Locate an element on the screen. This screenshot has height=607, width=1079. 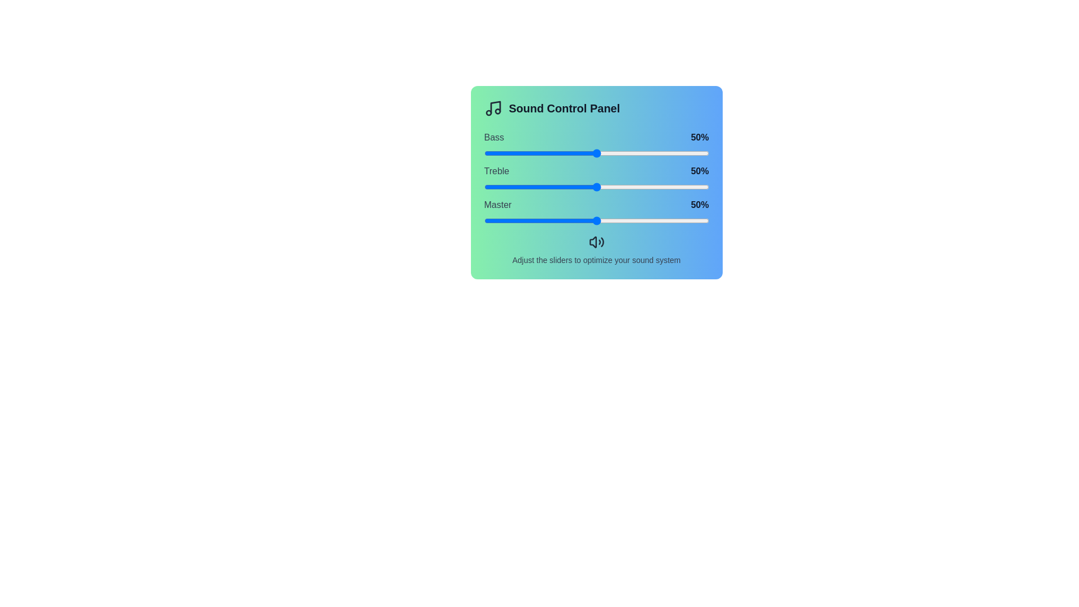
the musical note icon in the header of the Sound Control Panel is located at coordinates (493, 108).